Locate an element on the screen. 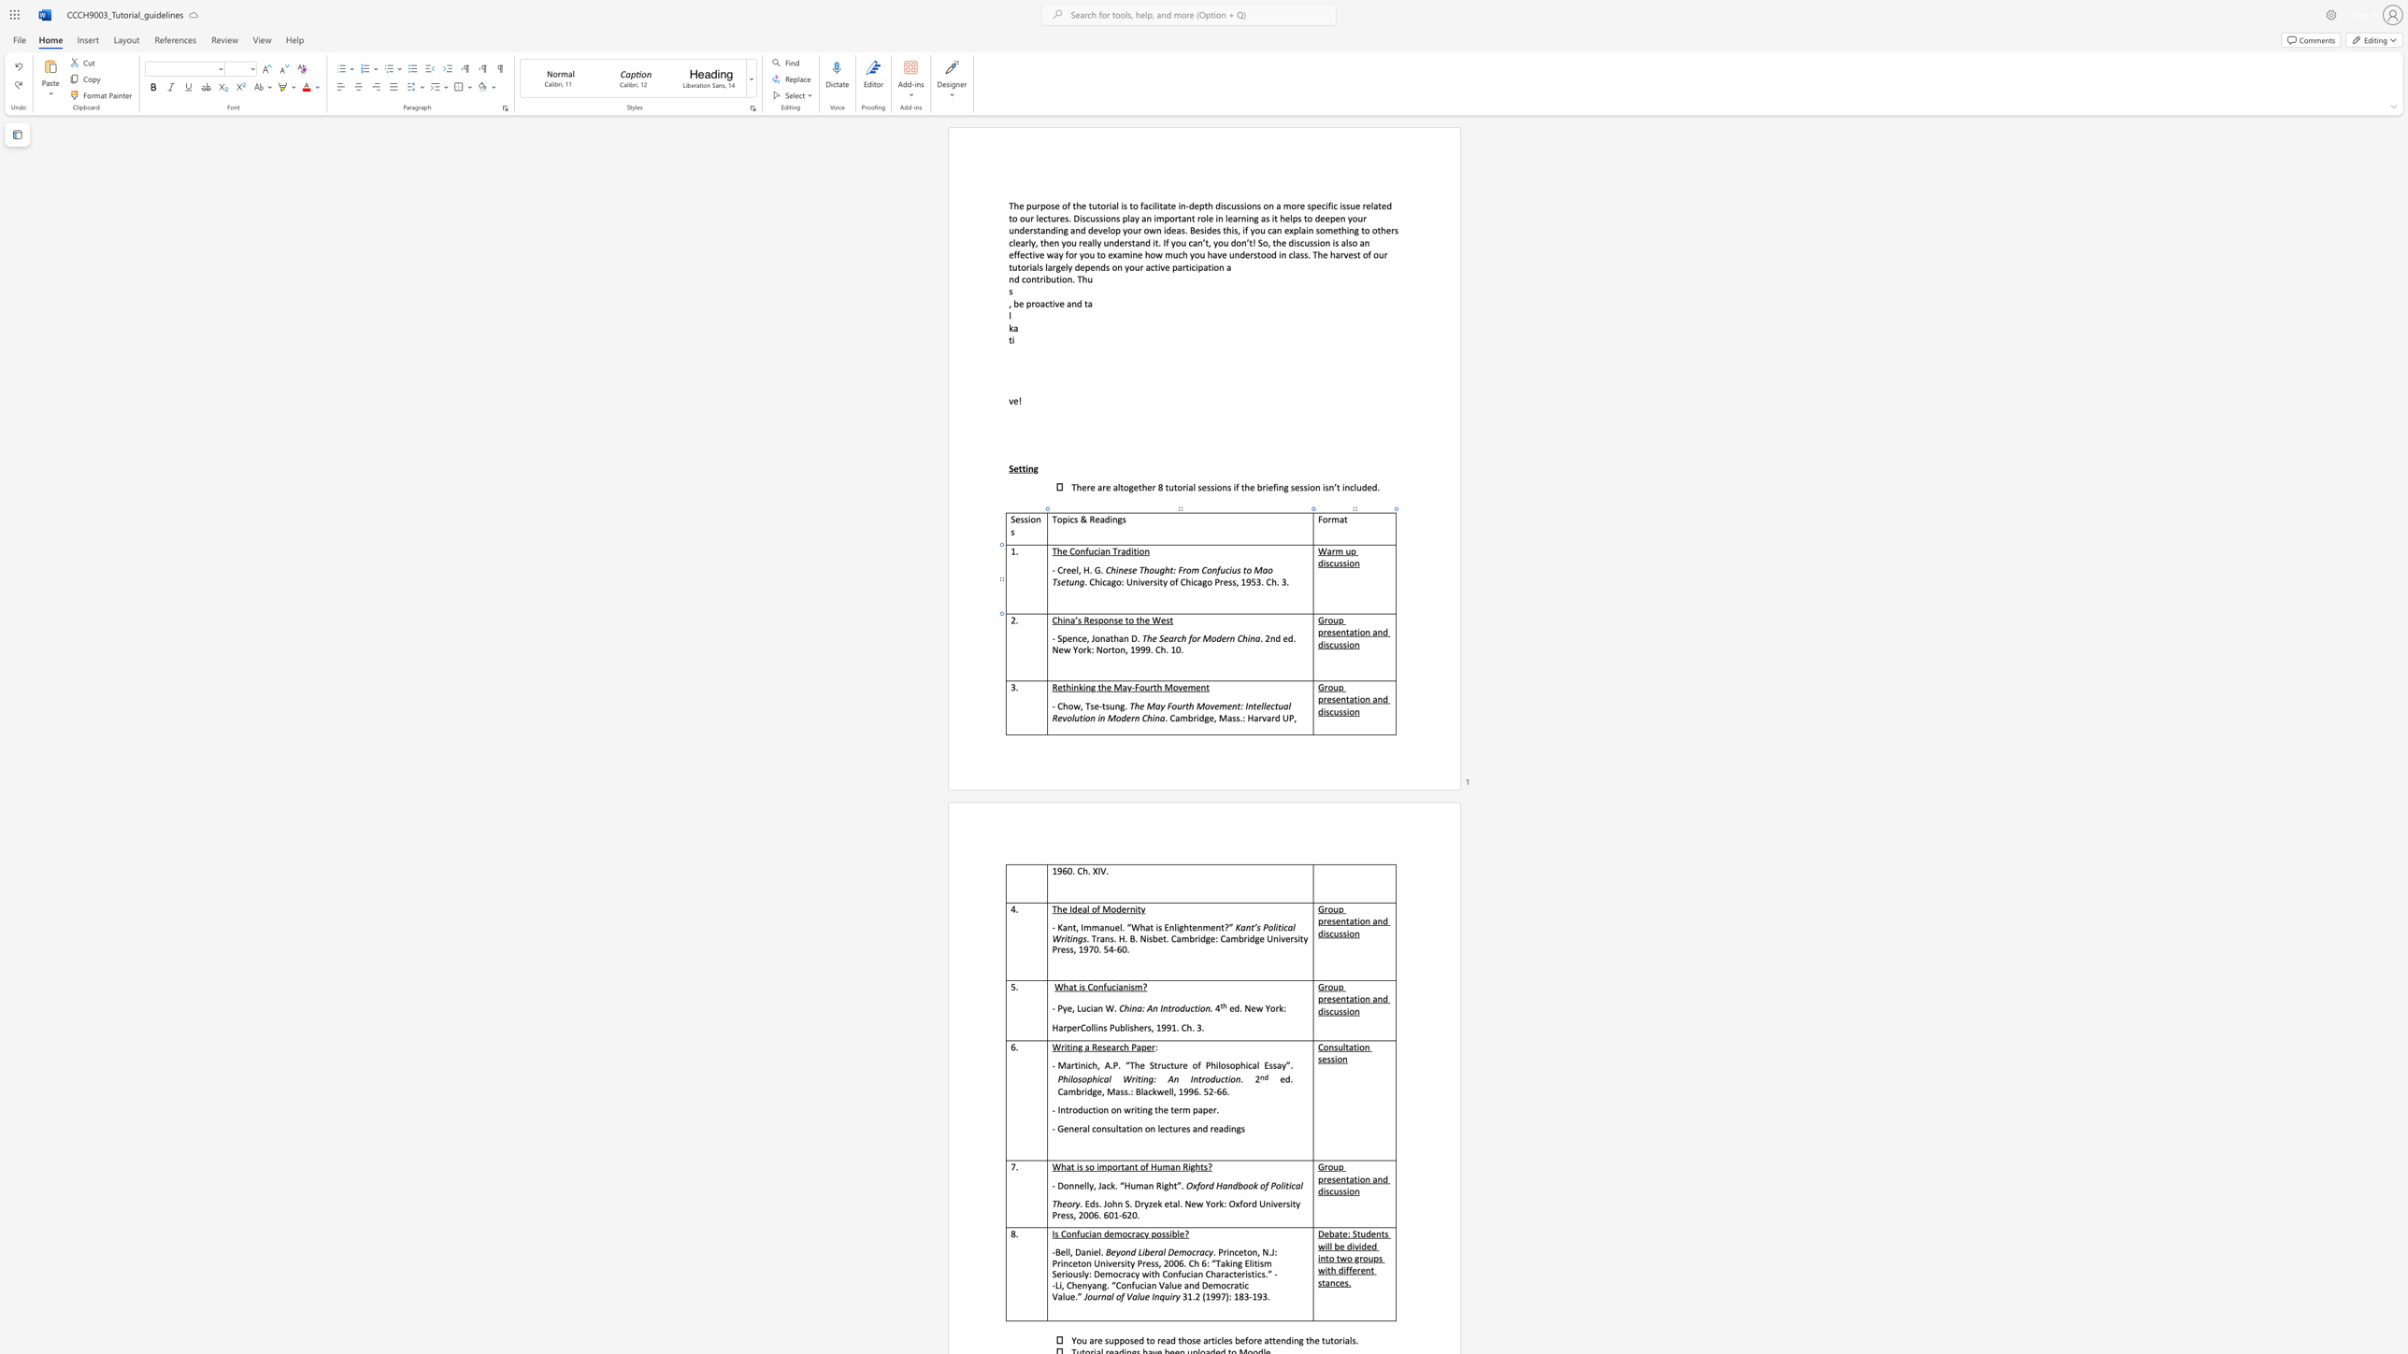 The width and height of the screenshot is (2408, 1354). the space between the continuous character "’" and "s" in the text is located at coordinates (1077, 620).